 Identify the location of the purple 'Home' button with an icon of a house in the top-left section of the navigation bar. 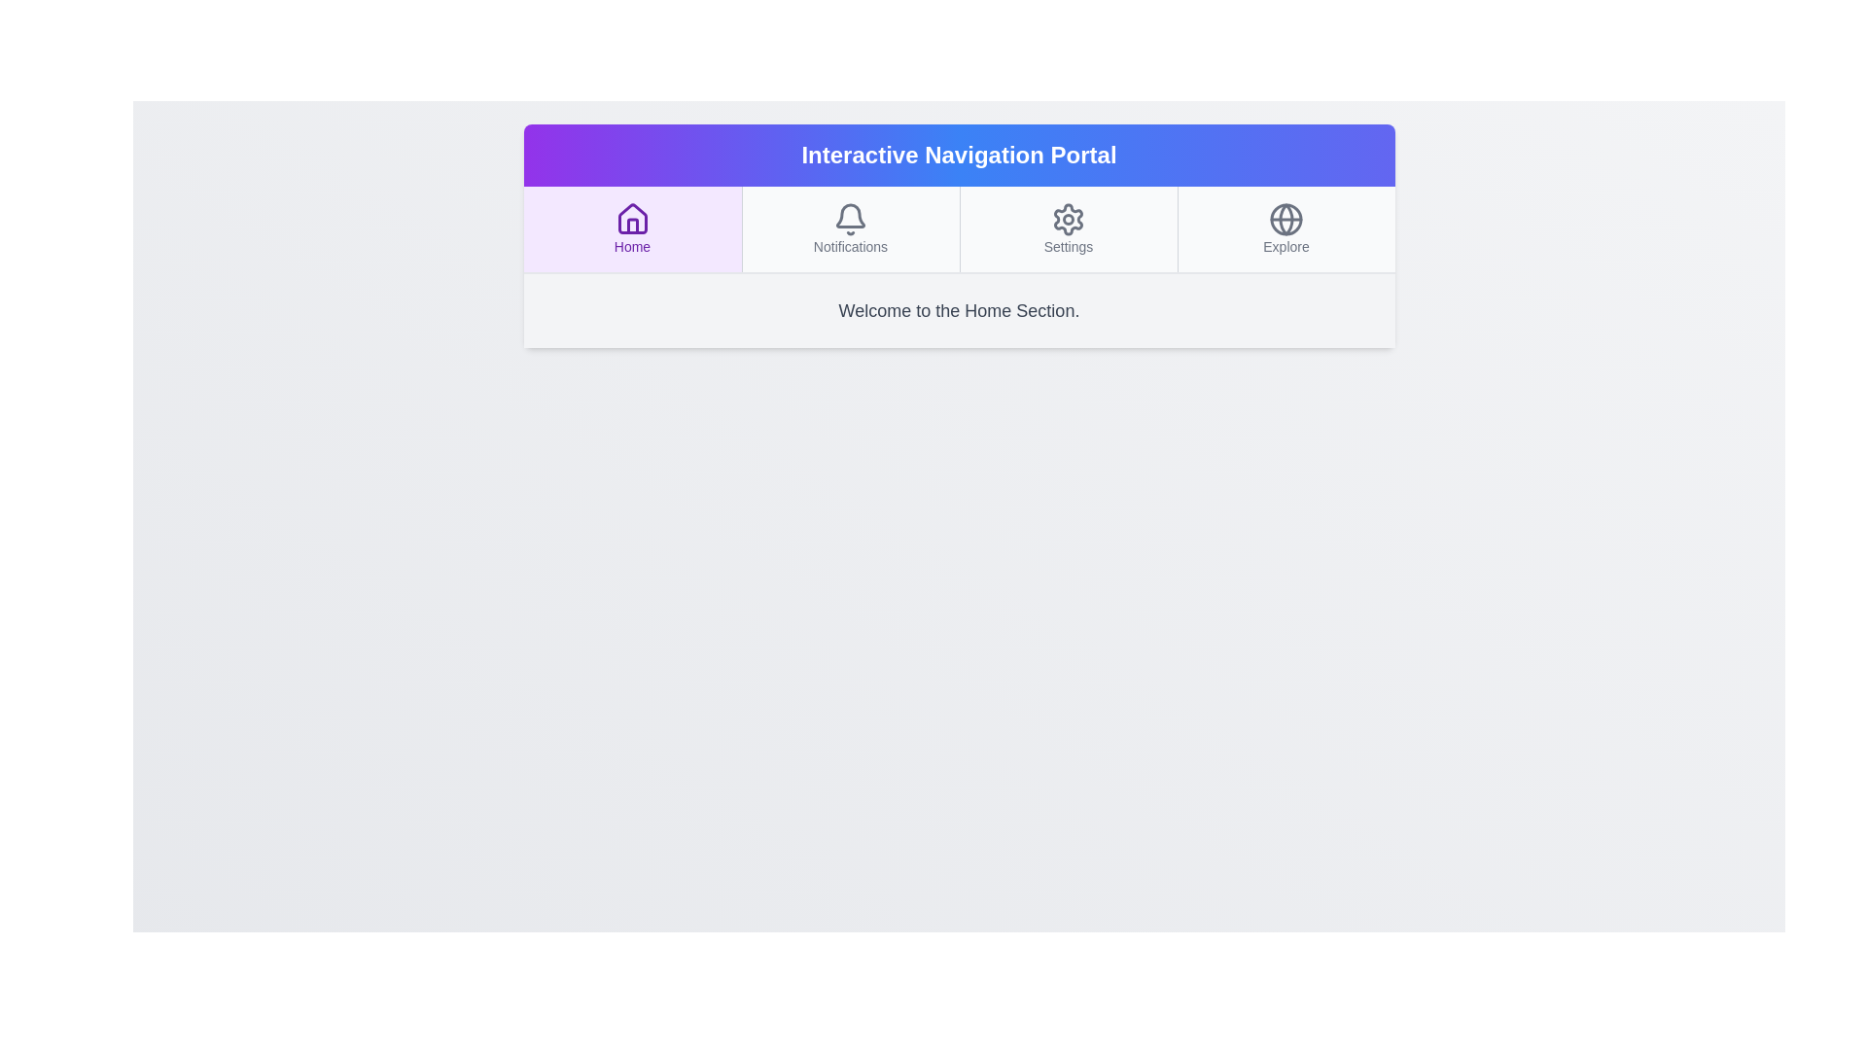
(632, 227).